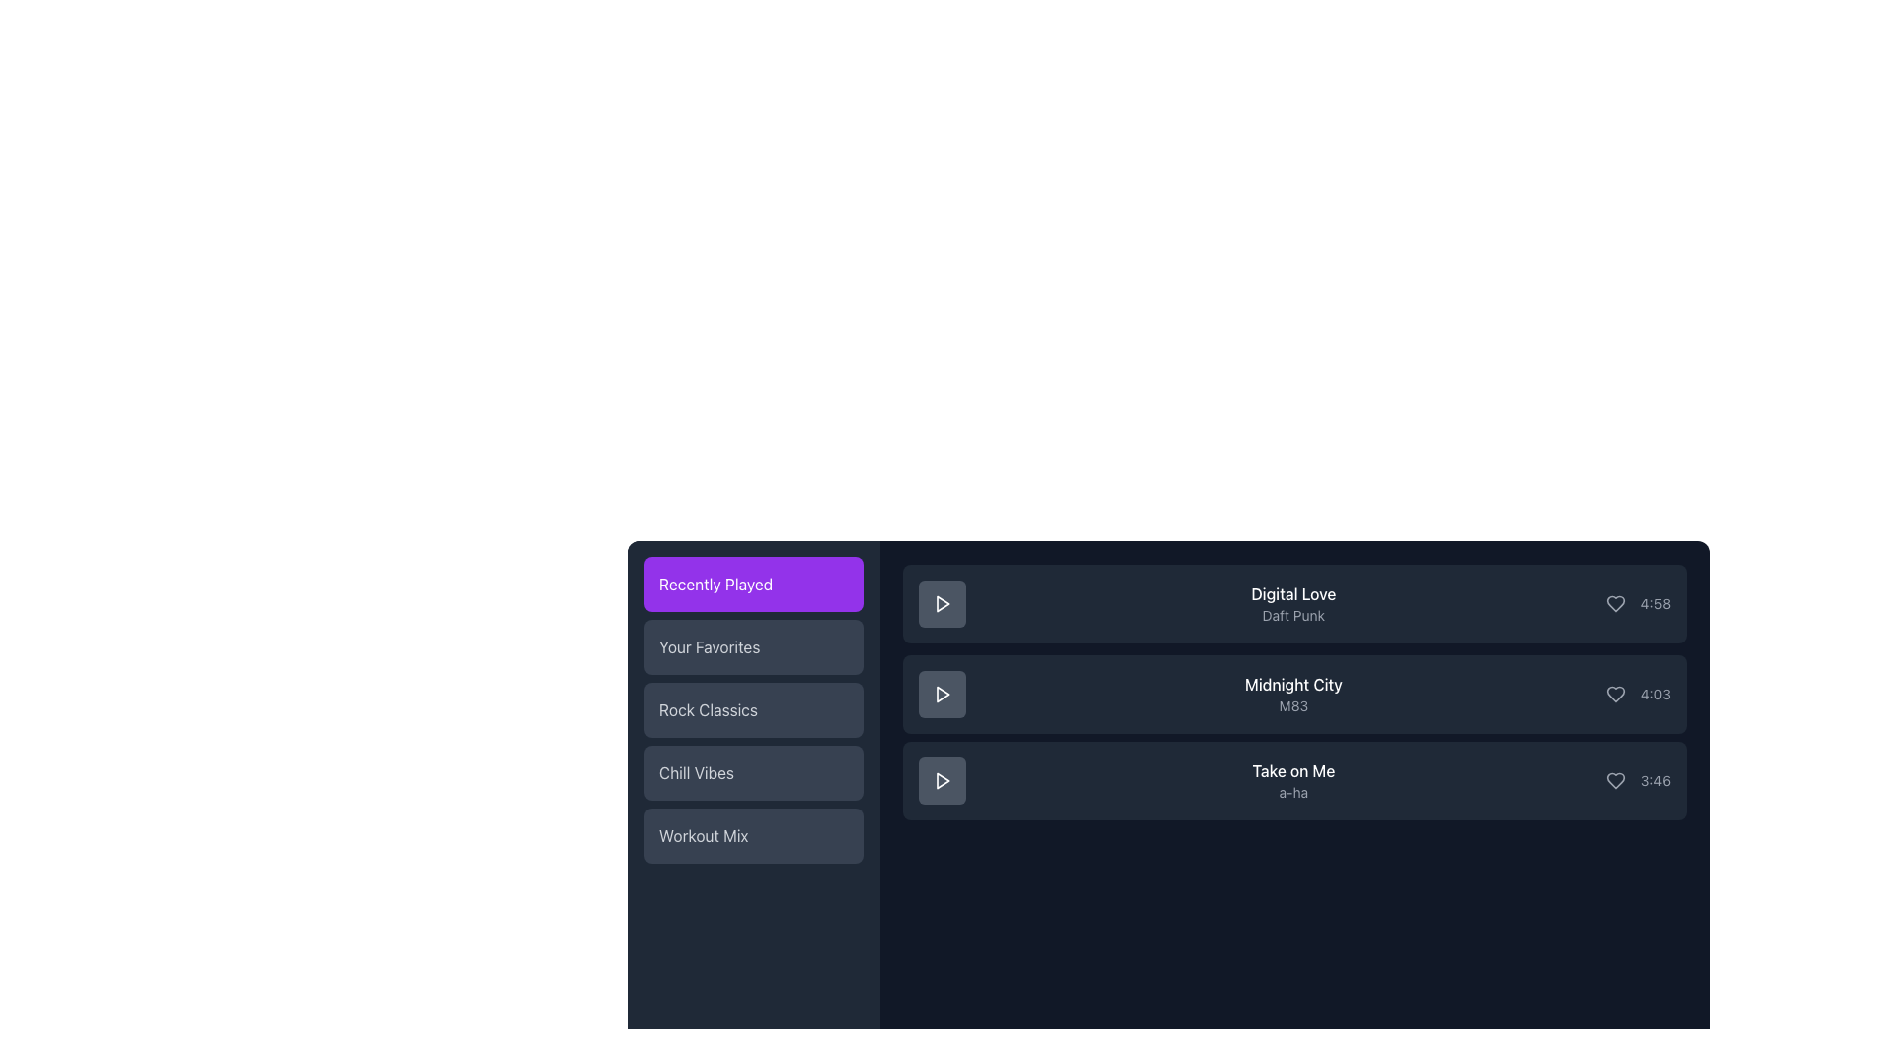  Describe the element at coordinates (1294, 602) in the screenshot. I see `the first row item` at that location.